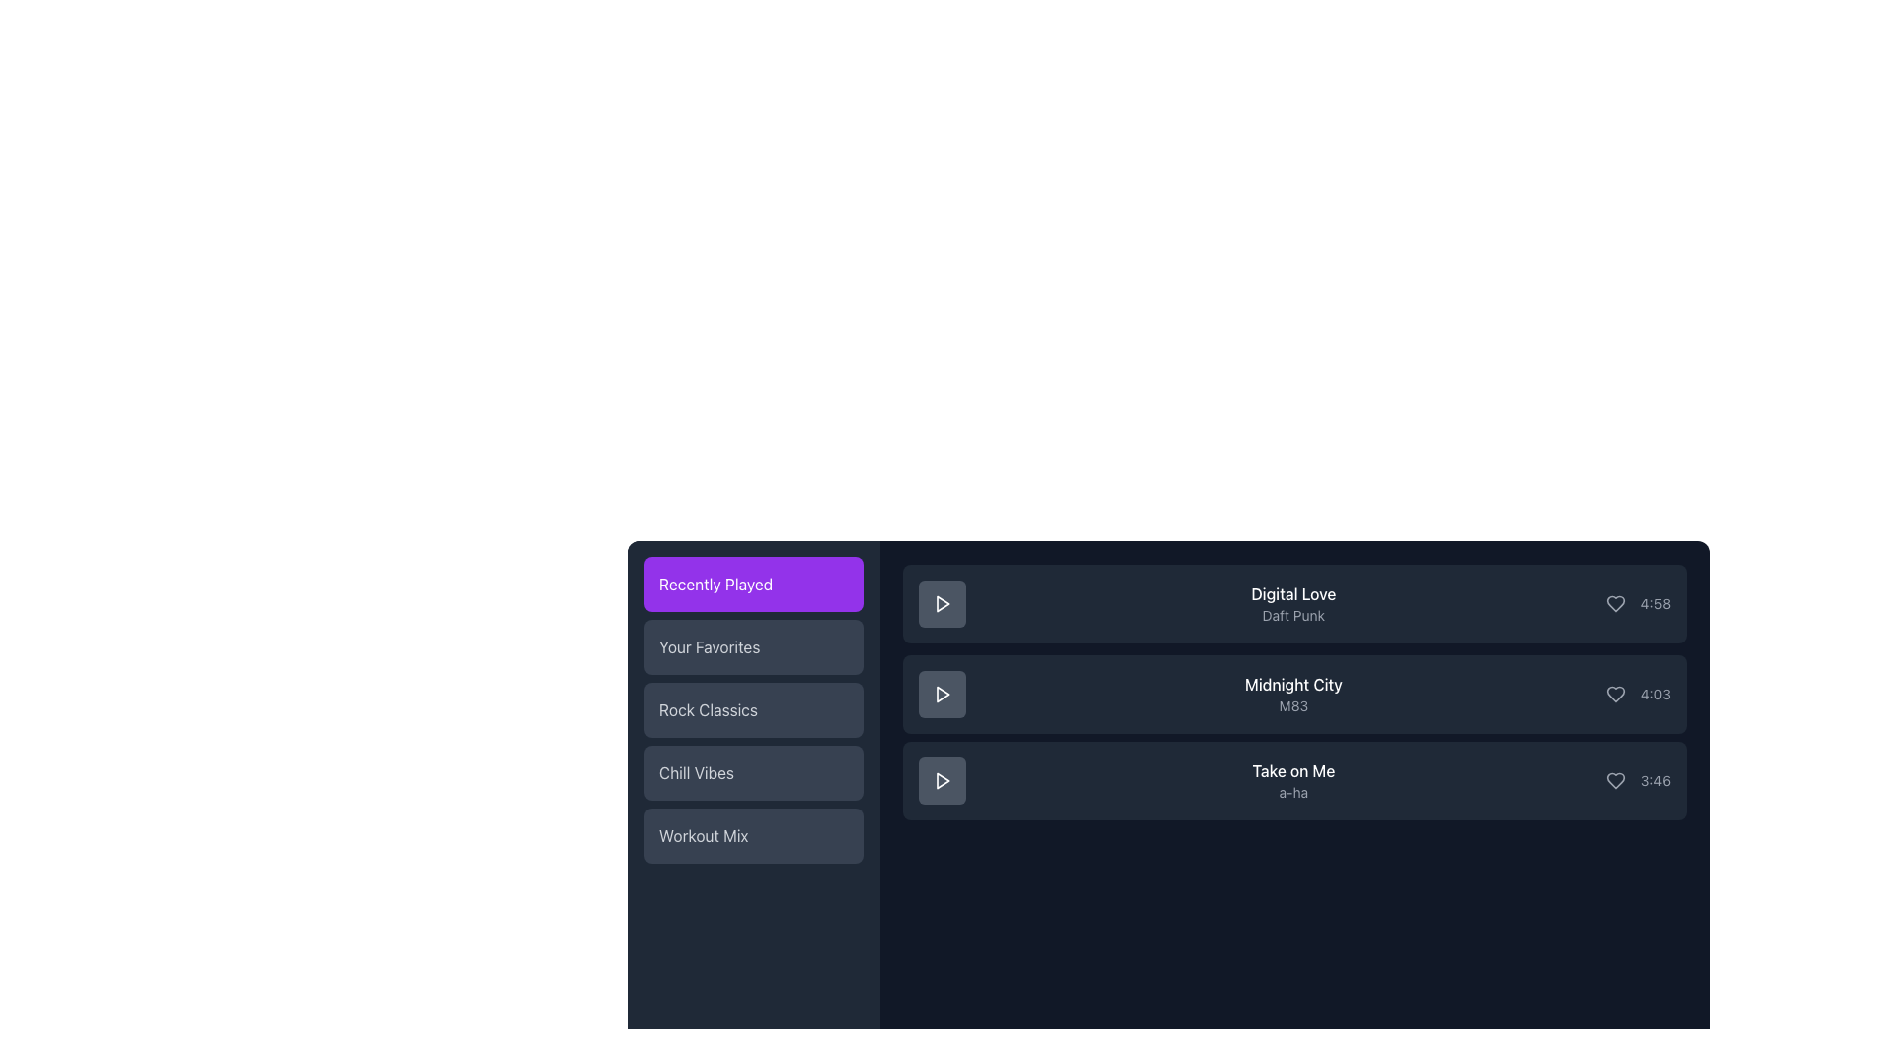  Describe the element at coordinates (1294, 602) in the screenshot. I see `the first row item` at that location.